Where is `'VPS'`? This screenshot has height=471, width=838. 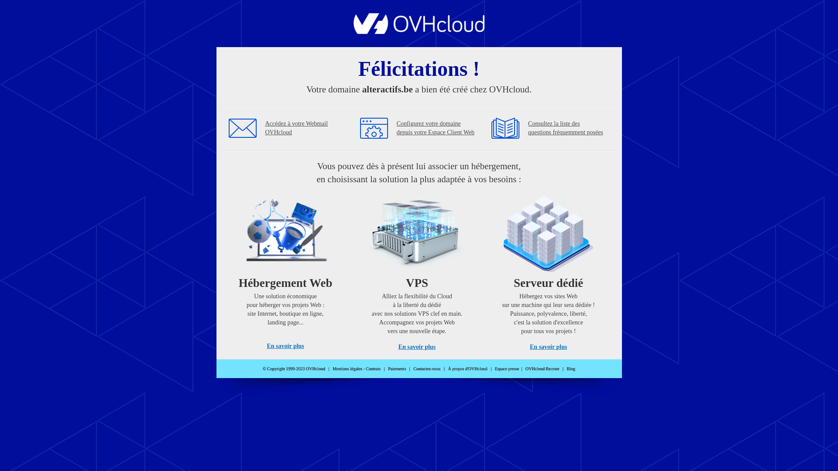
'VPS' is located at coordinates (416, 270).